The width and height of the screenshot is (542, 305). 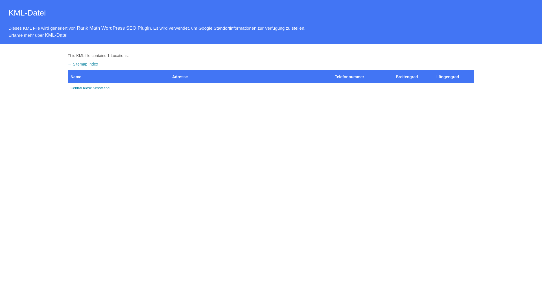 I want to click on 'Rank Math WordPress SEO Plugin', so click(x=77, y=28).